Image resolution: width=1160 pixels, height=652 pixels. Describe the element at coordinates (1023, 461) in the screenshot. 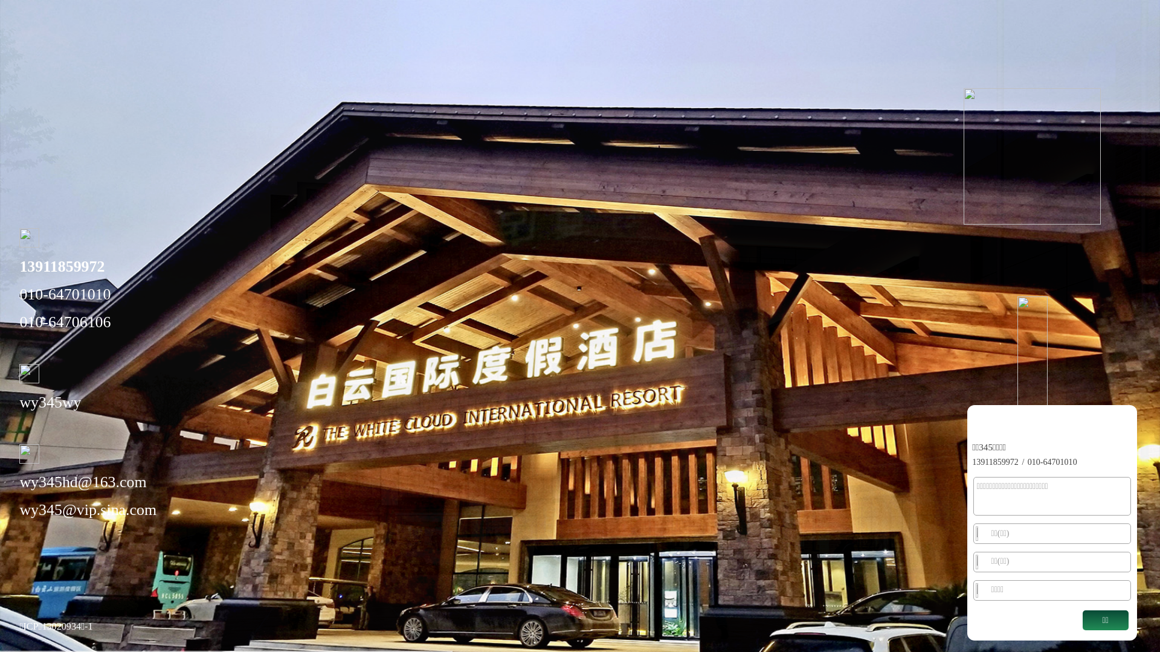

I see `'13911859972 / 010-64701010'` at that location.